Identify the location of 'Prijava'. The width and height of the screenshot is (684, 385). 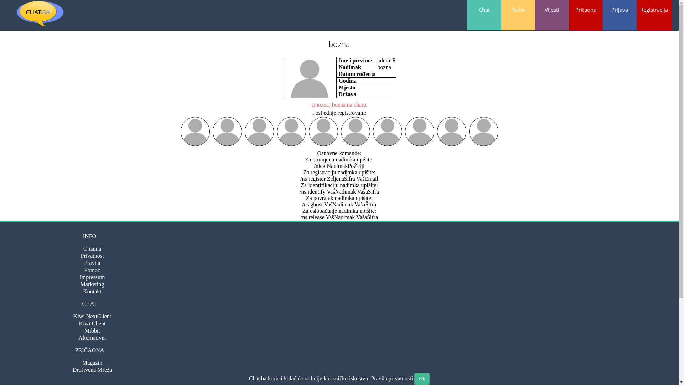
(619, 15).